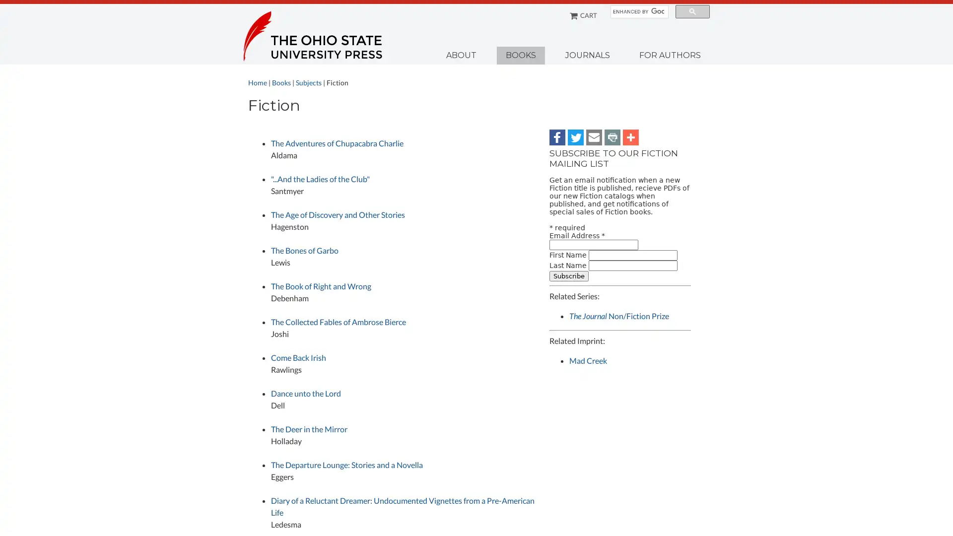  I want to click on Subscribe, so click(569, 275).